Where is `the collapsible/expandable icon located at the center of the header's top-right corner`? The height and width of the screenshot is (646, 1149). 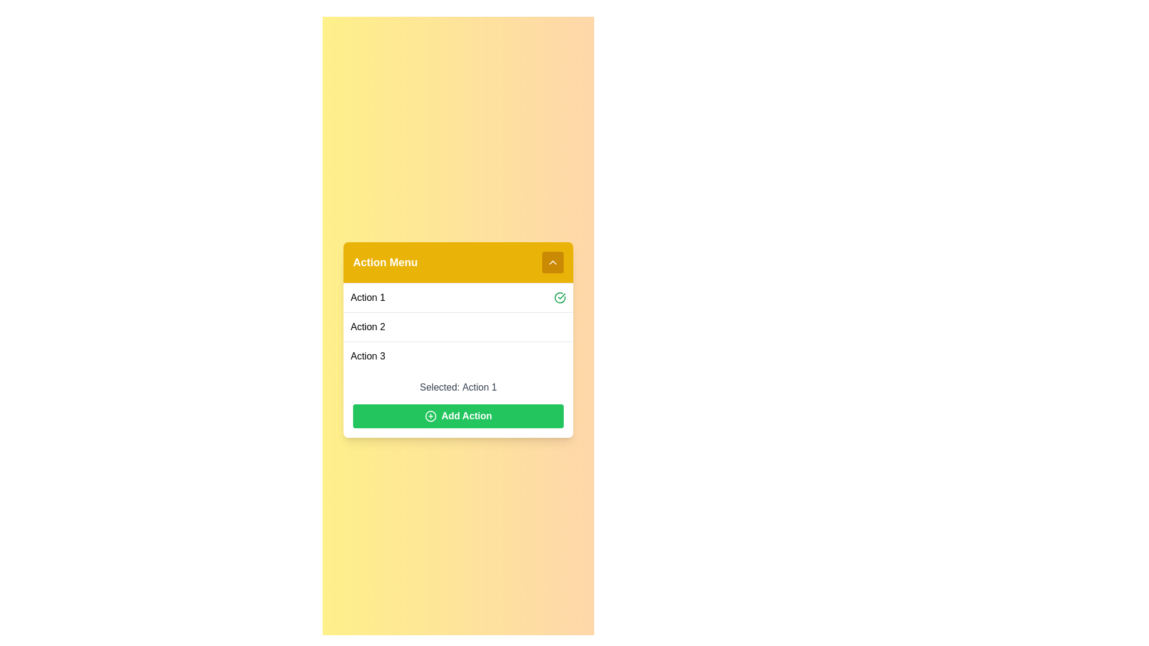 the collapsible/expandable icon located at the center of the header's top-right corner is located at coordinates (552, 261).